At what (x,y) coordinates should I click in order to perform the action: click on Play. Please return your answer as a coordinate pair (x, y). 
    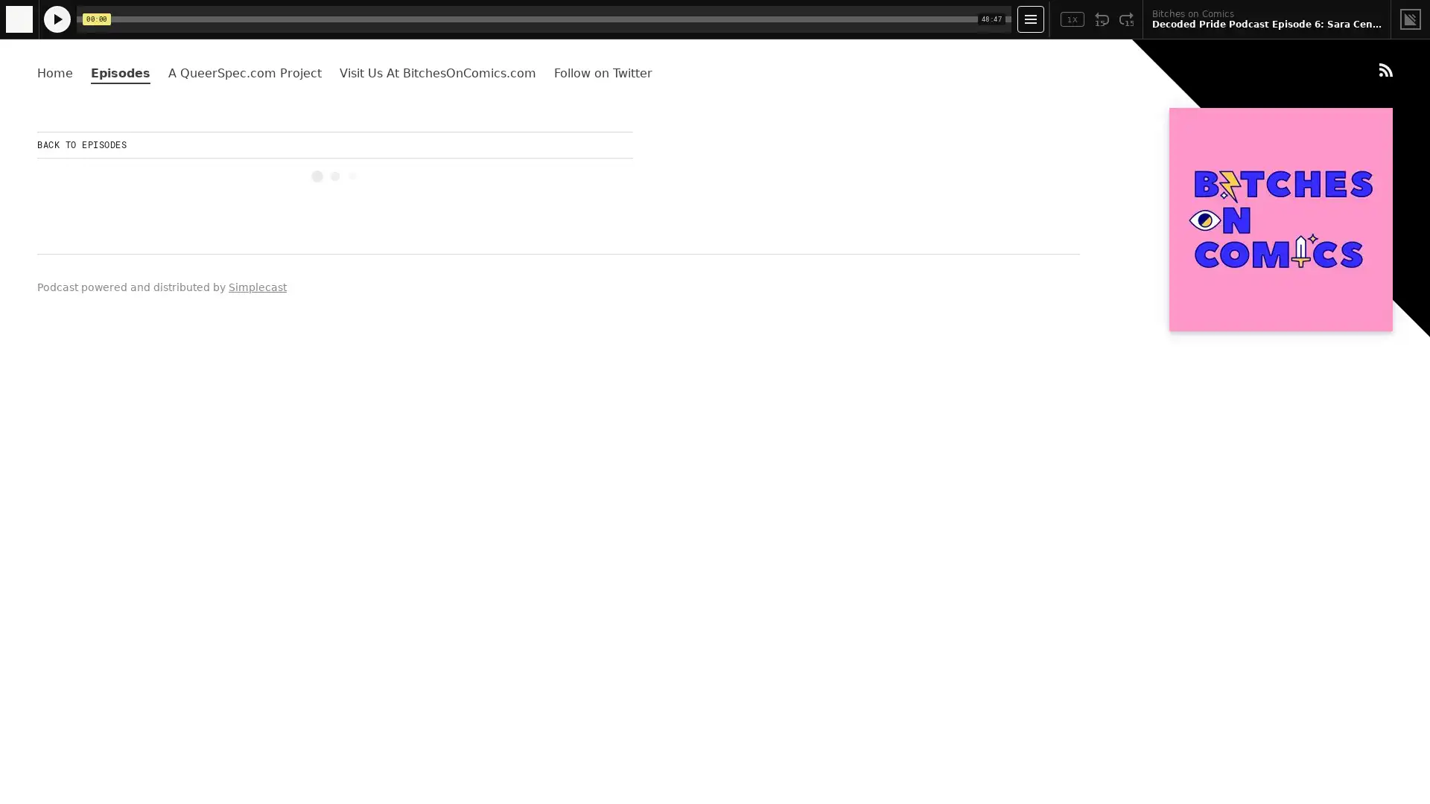
    Looking at the image, I should click on (189, 200).